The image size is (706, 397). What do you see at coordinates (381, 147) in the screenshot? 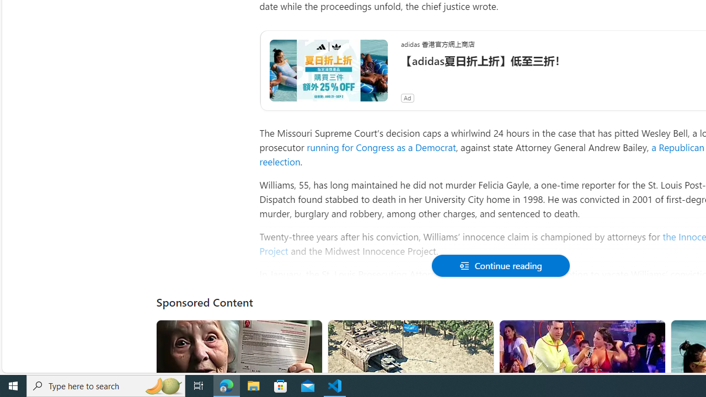
I see `'running for Congress as a Democrat'` at bounding box center [381, 147].